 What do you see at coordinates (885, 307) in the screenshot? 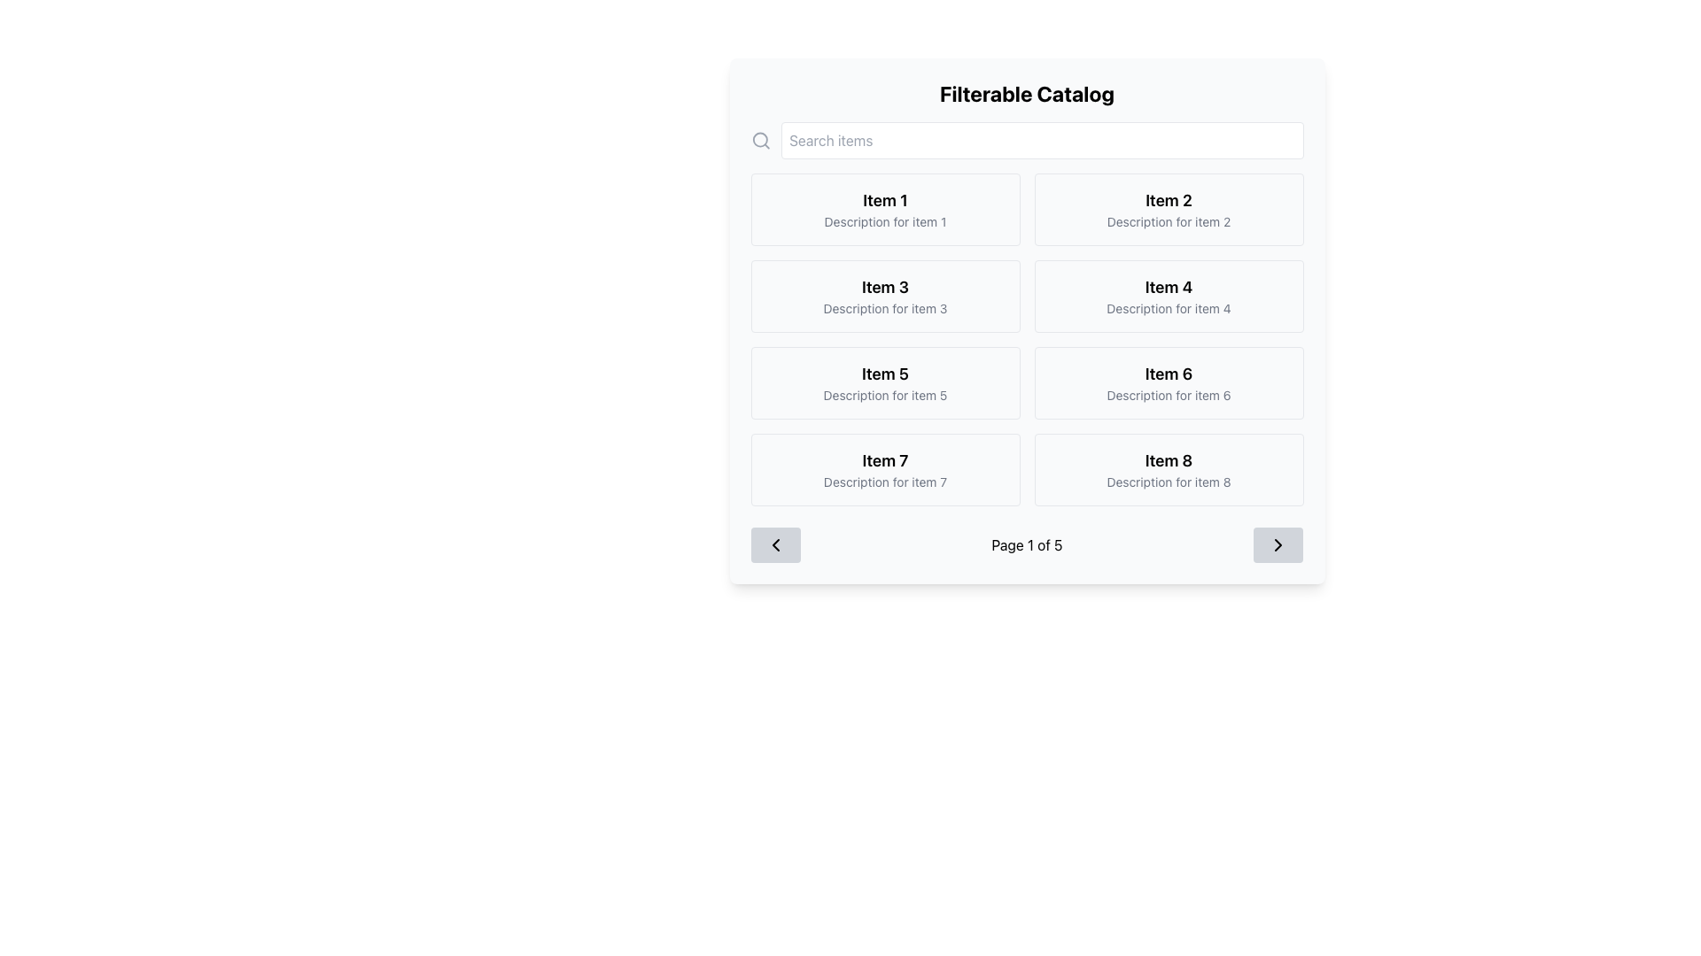
I see `the text label providing additional information associated with 'Item 3', located in the second row and first column of the grid layout` at bounding box center [885, 307].